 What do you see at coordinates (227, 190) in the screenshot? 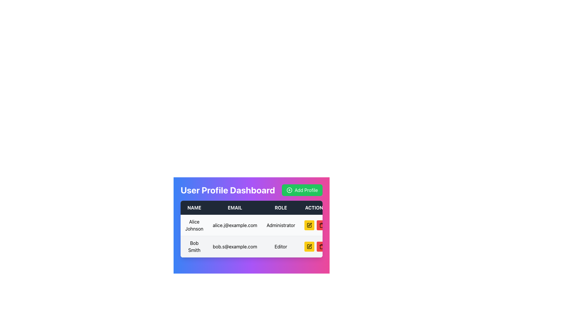
I see `the 'User Profile Dashboard' text element, which is displayed in bold, large white font on a gradient blue to purple background, located to the left of the 'Add Profile' button` at bounding box center [227, 190].